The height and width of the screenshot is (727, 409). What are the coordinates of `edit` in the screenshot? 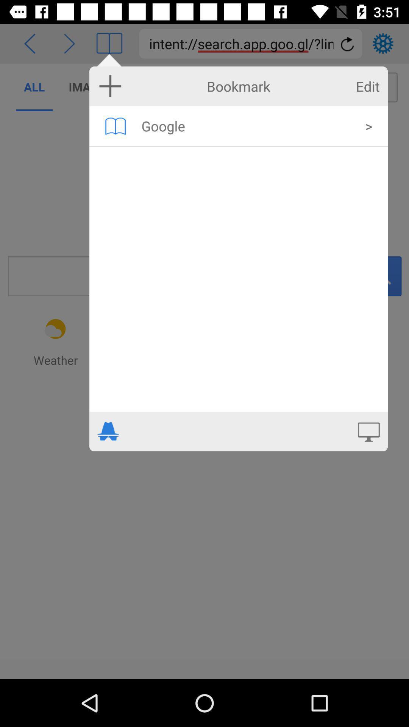 It's located at (367, 86).